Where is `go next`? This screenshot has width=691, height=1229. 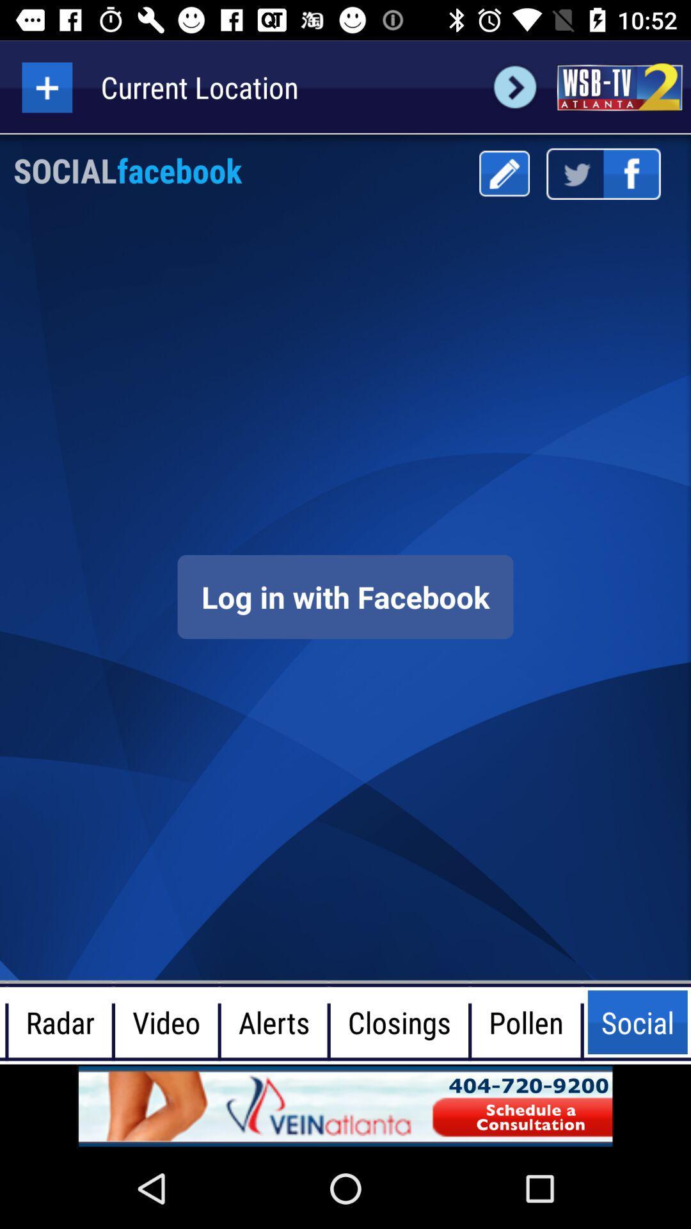
go next is located at coordinates (514, 86).